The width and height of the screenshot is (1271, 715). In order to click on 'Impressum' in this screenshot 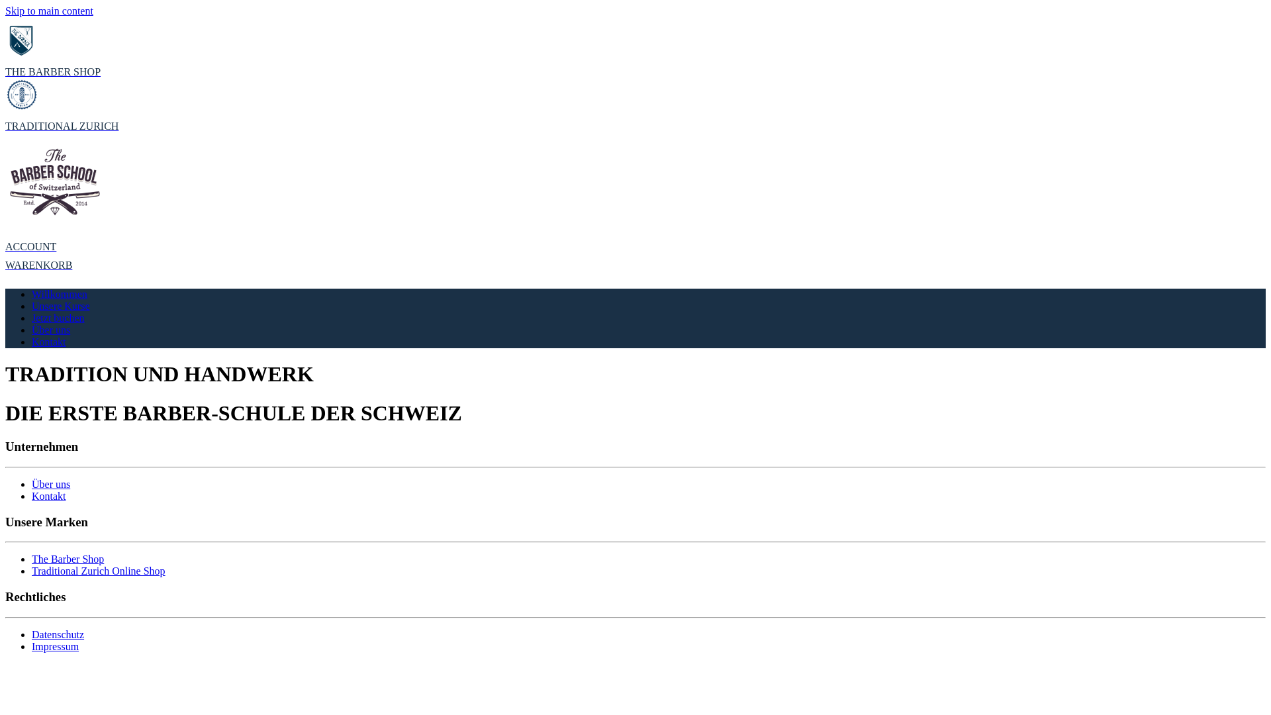, I will do `click(54, 645)`.